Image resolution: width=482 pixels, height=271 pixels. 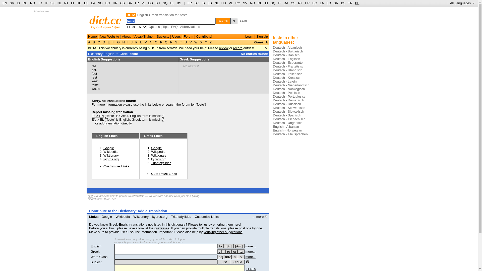 What do you see at coordinates (176, 42) in the screenshot?
I see `'S'` at bounding box center [176, 42].